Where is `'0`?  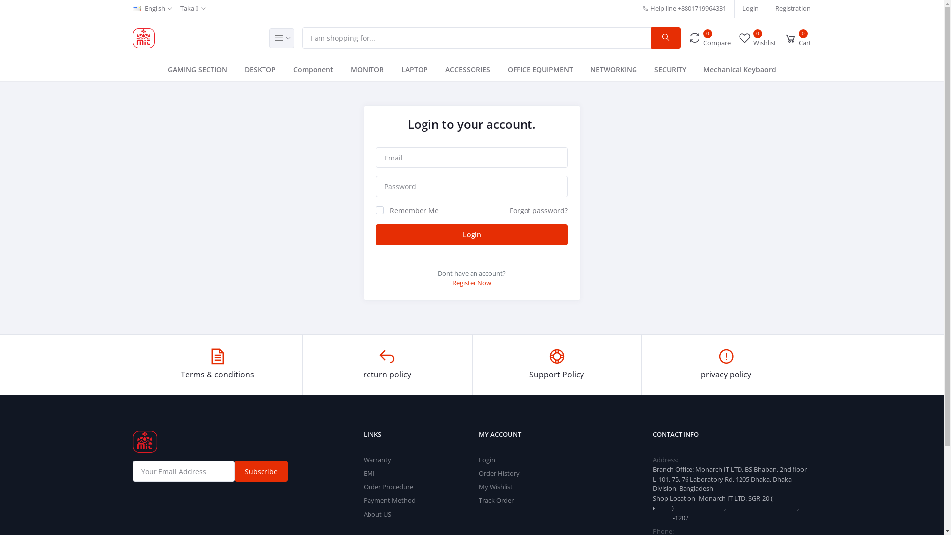 '0 is located at coordinates (709, 37).